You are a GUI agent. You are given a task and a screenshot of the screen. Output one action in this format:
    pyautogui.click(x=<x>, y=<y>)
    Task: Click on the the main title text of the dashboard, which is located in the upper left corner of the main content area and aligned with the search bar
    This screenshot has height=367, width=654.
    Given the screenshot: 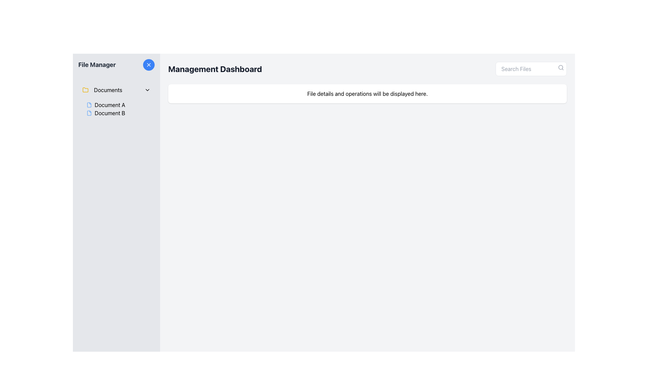 What is the action you would take?
    pyautogui.click(x=215, y=69)
    